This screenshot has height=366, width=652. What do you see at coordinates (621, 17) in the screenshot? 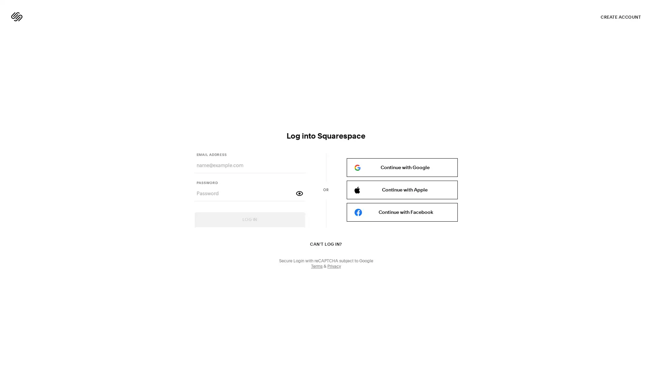
I see `CREATE ACCOUNT` at bounding box center [621, 17].